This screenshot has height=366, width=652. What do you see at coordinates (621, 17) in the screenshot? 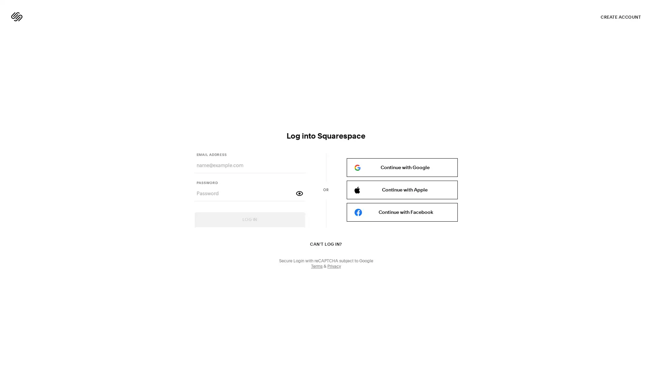
I see `CREATE ACCOUNT` at bounding box center [621, 17].